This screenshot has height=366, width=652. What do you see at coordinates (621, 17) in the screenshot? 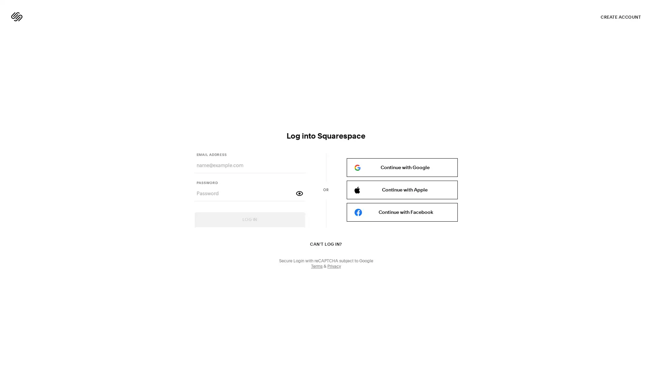
I see `CREATE ACCOUNT` at bounding box center [621, 17].